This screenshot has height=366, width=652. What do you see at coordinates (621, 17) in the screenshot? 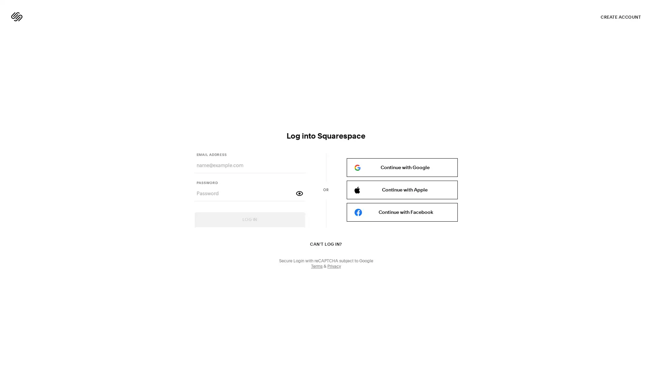
I see `CREATE ACCOUNT` at bounding box center [621, 17].